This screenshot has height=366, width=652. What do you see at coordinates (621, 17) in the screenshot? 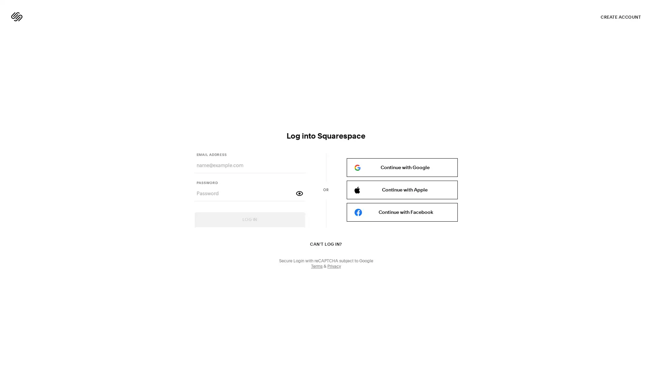
I see `CREATE ACCOUNT` at bounding box center [621, 17].